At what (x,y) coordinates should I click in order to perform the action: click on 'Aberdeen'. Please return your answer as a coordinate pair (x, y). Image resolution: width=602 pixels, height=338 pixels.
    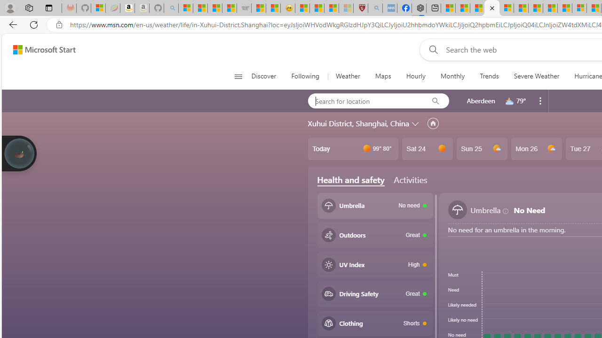
    Looking at the image, I should click on (481, 100).